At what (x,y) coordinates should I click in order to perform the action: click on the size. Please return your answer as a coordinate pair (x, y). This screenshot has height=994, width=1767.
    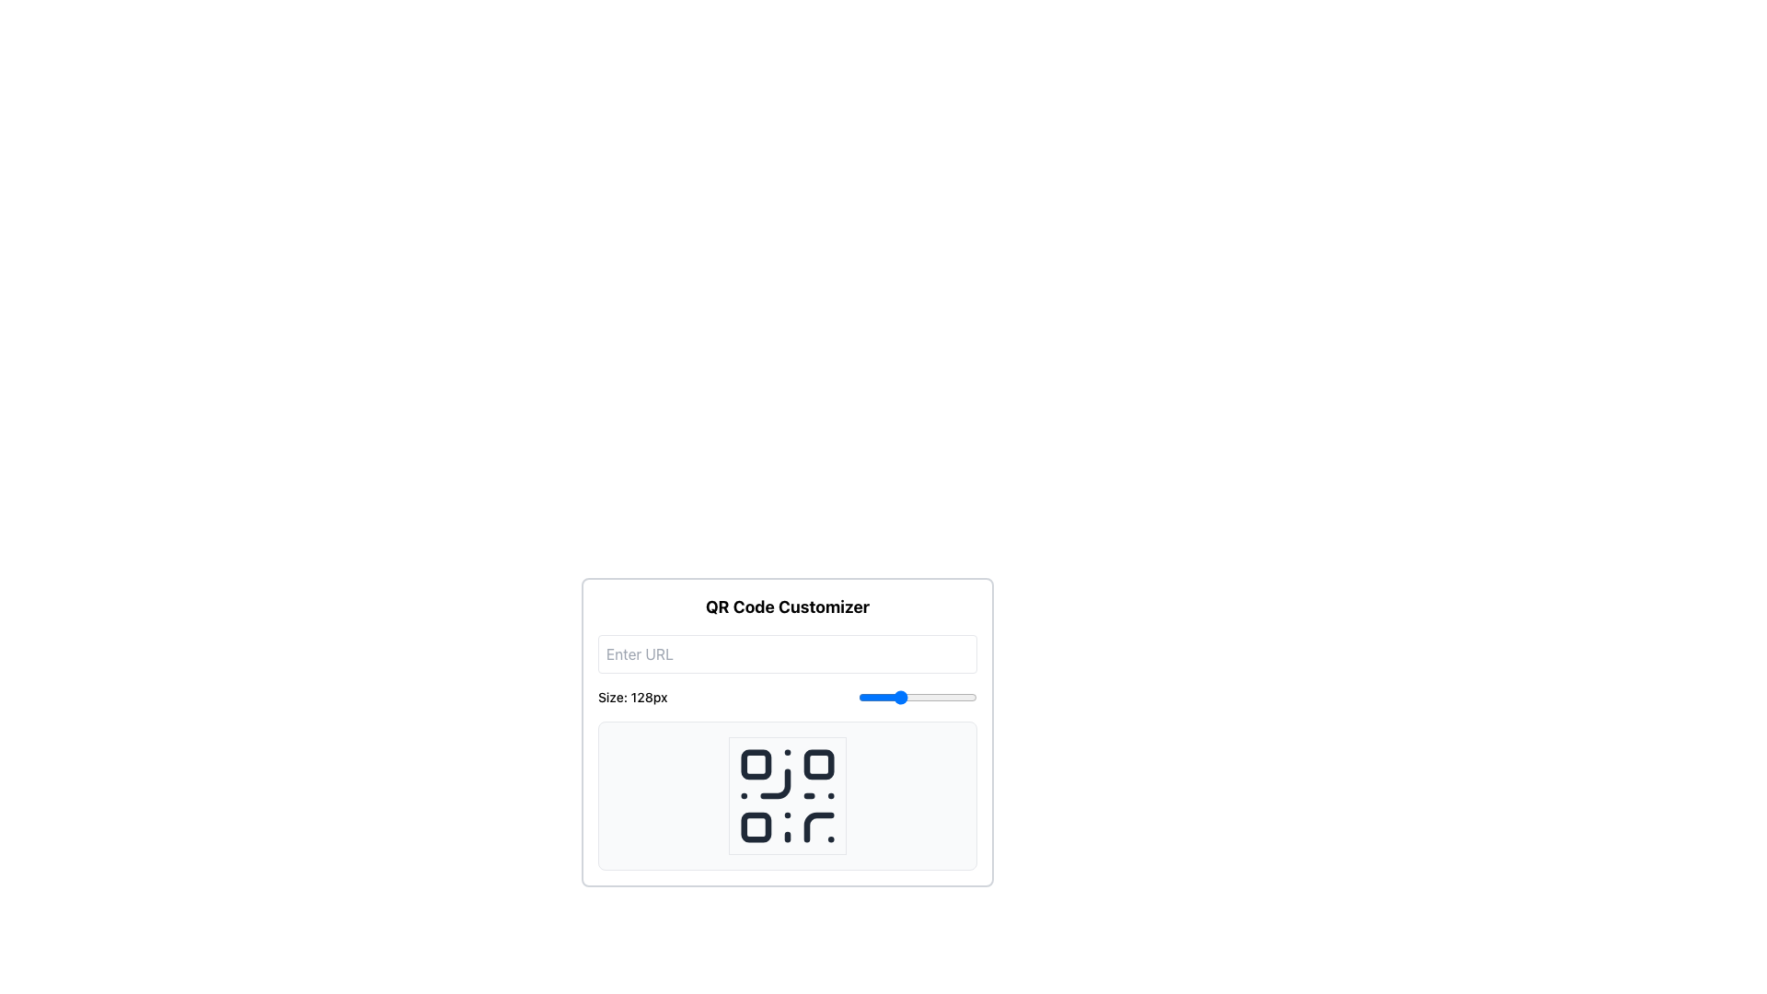
    Looking at the image, I should click on (960, 698).